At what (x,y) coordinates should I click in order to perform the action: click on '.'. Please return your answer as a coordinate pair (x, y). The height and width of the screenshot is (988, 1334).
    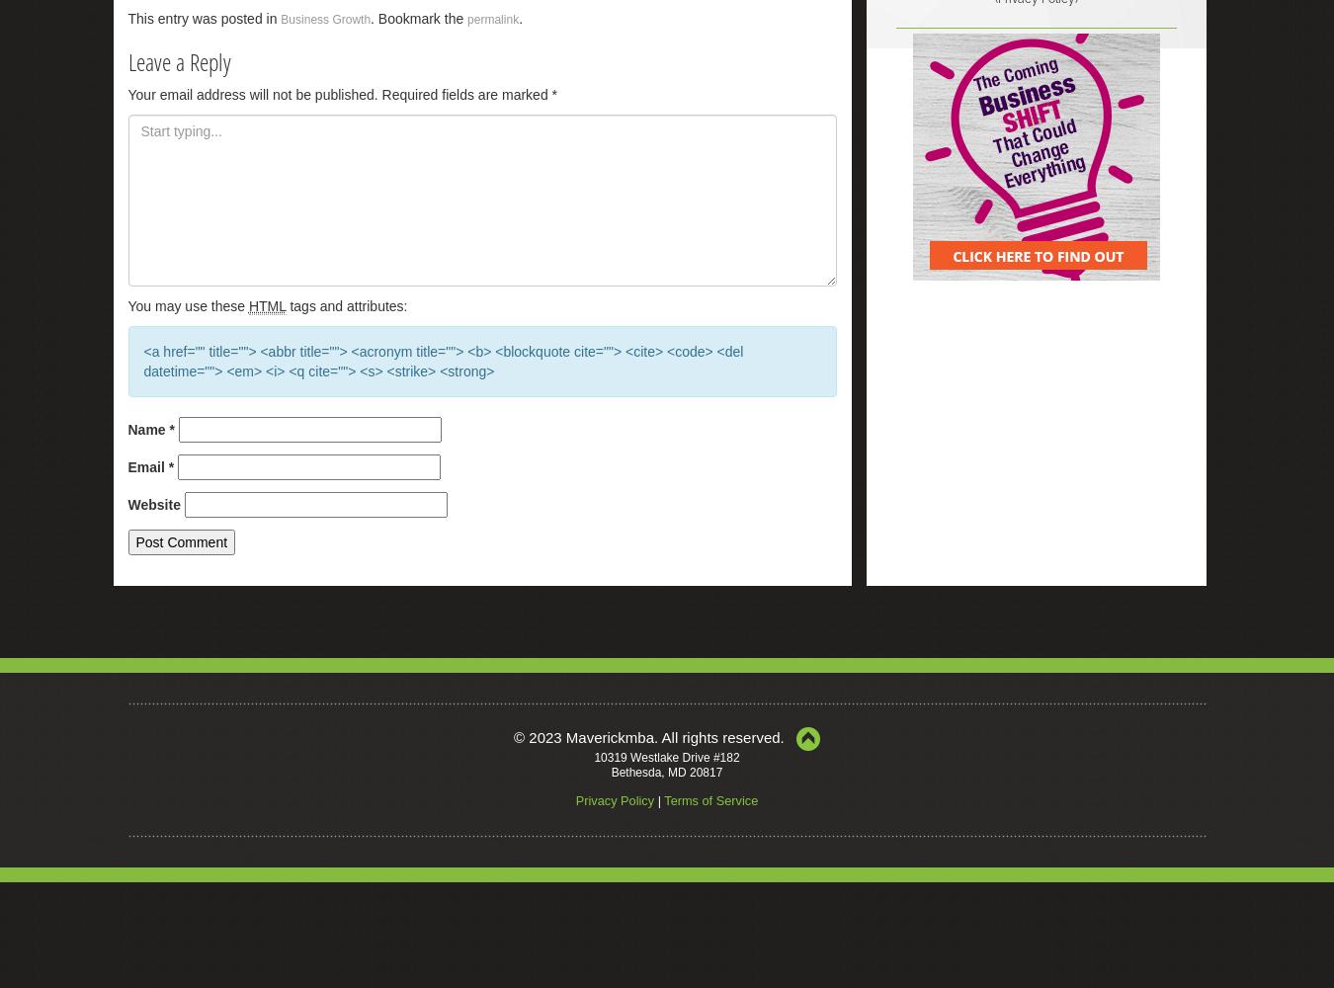
    Looking at the image, I should click on (520, 18).